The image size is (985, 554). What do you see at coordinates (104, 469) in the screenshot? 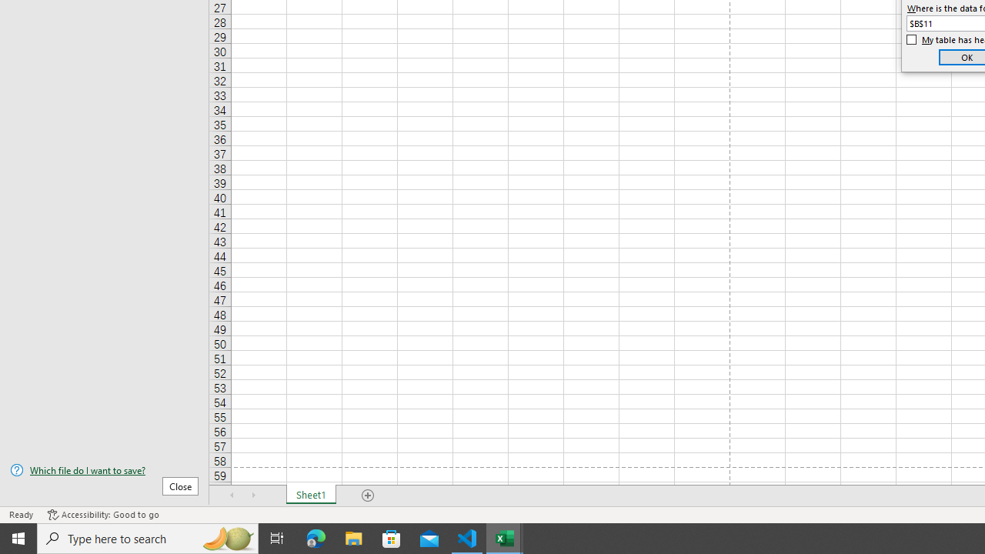
I see `'Which file do I want to save?'` at bounding box center [104, 469].